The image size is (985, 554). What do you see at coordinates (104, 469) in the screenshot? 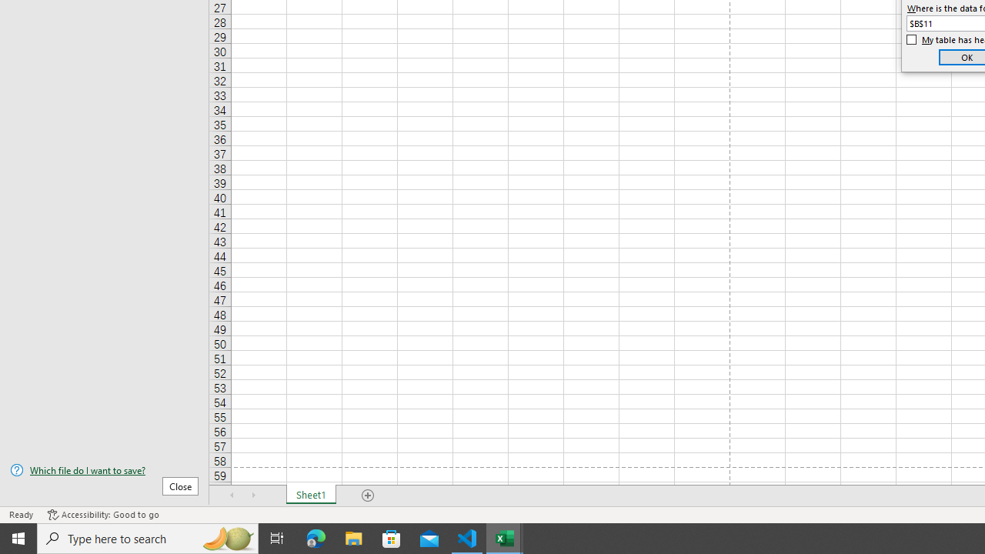
I see `'Which file do I want to save?'` at bounding box center [104, 469].